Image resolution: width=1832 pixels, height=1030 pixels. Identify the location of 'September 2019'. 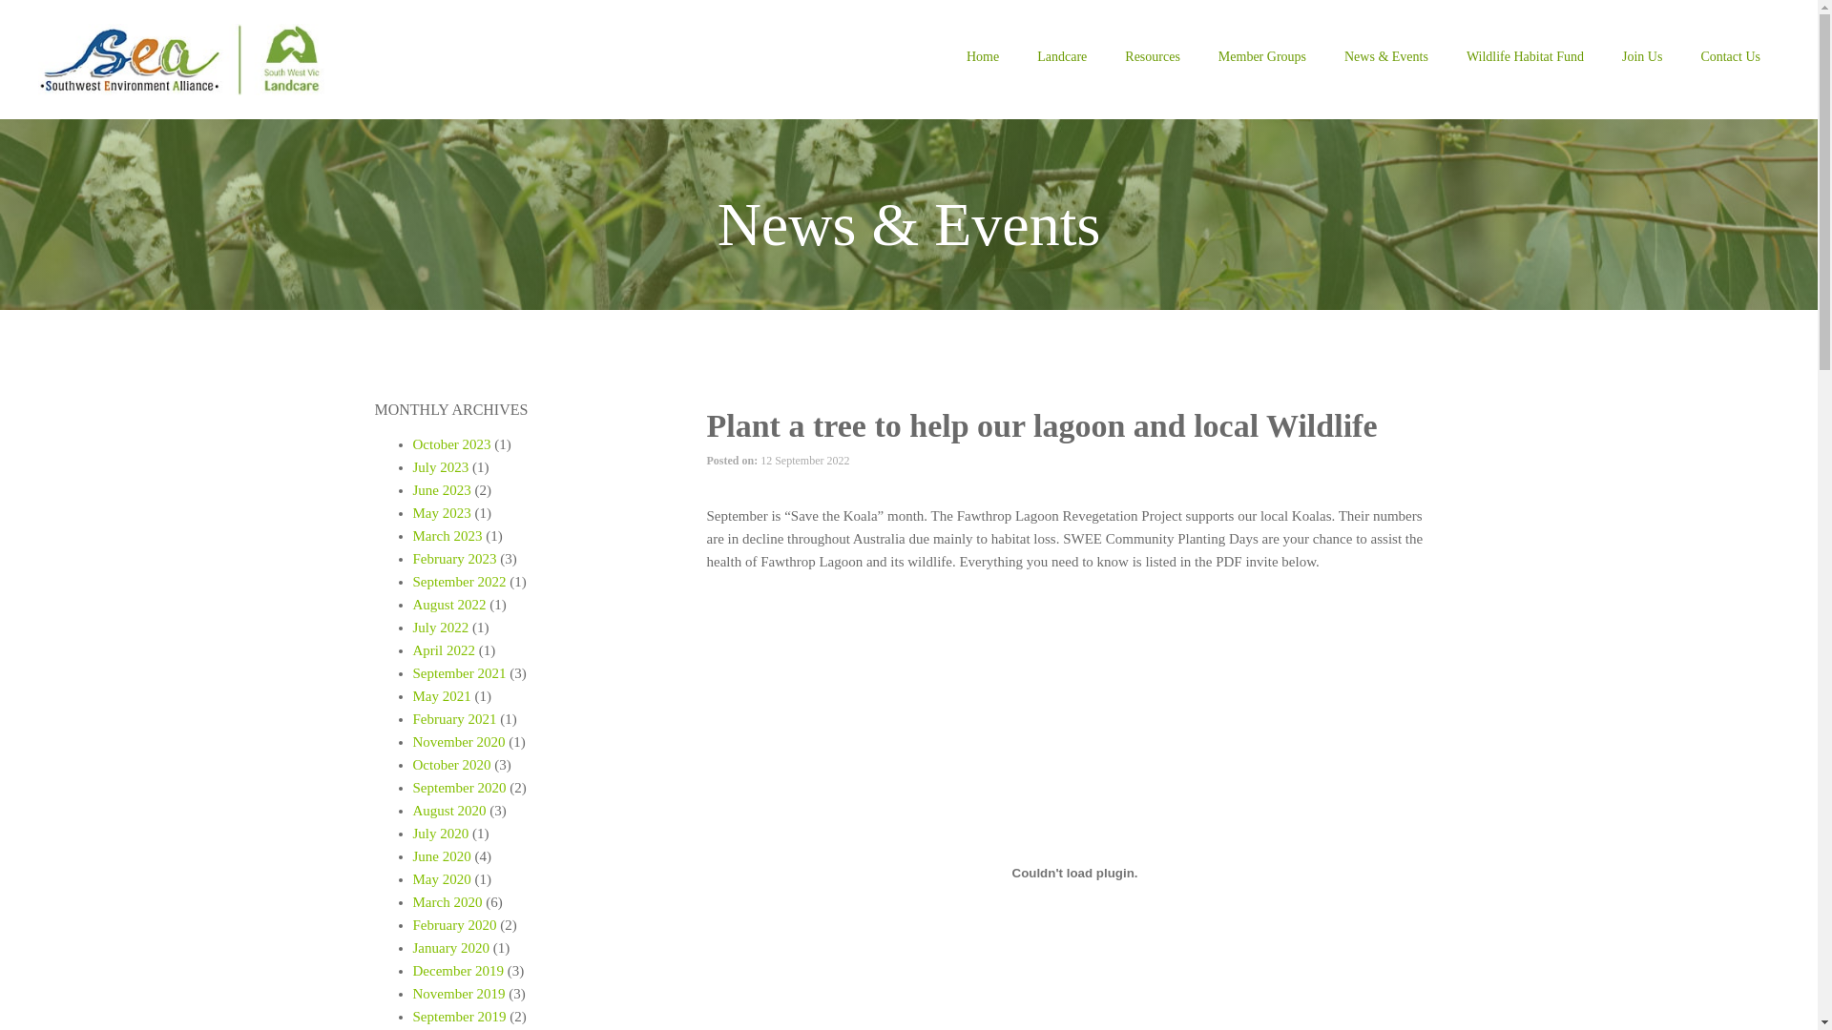
(458, 1015).